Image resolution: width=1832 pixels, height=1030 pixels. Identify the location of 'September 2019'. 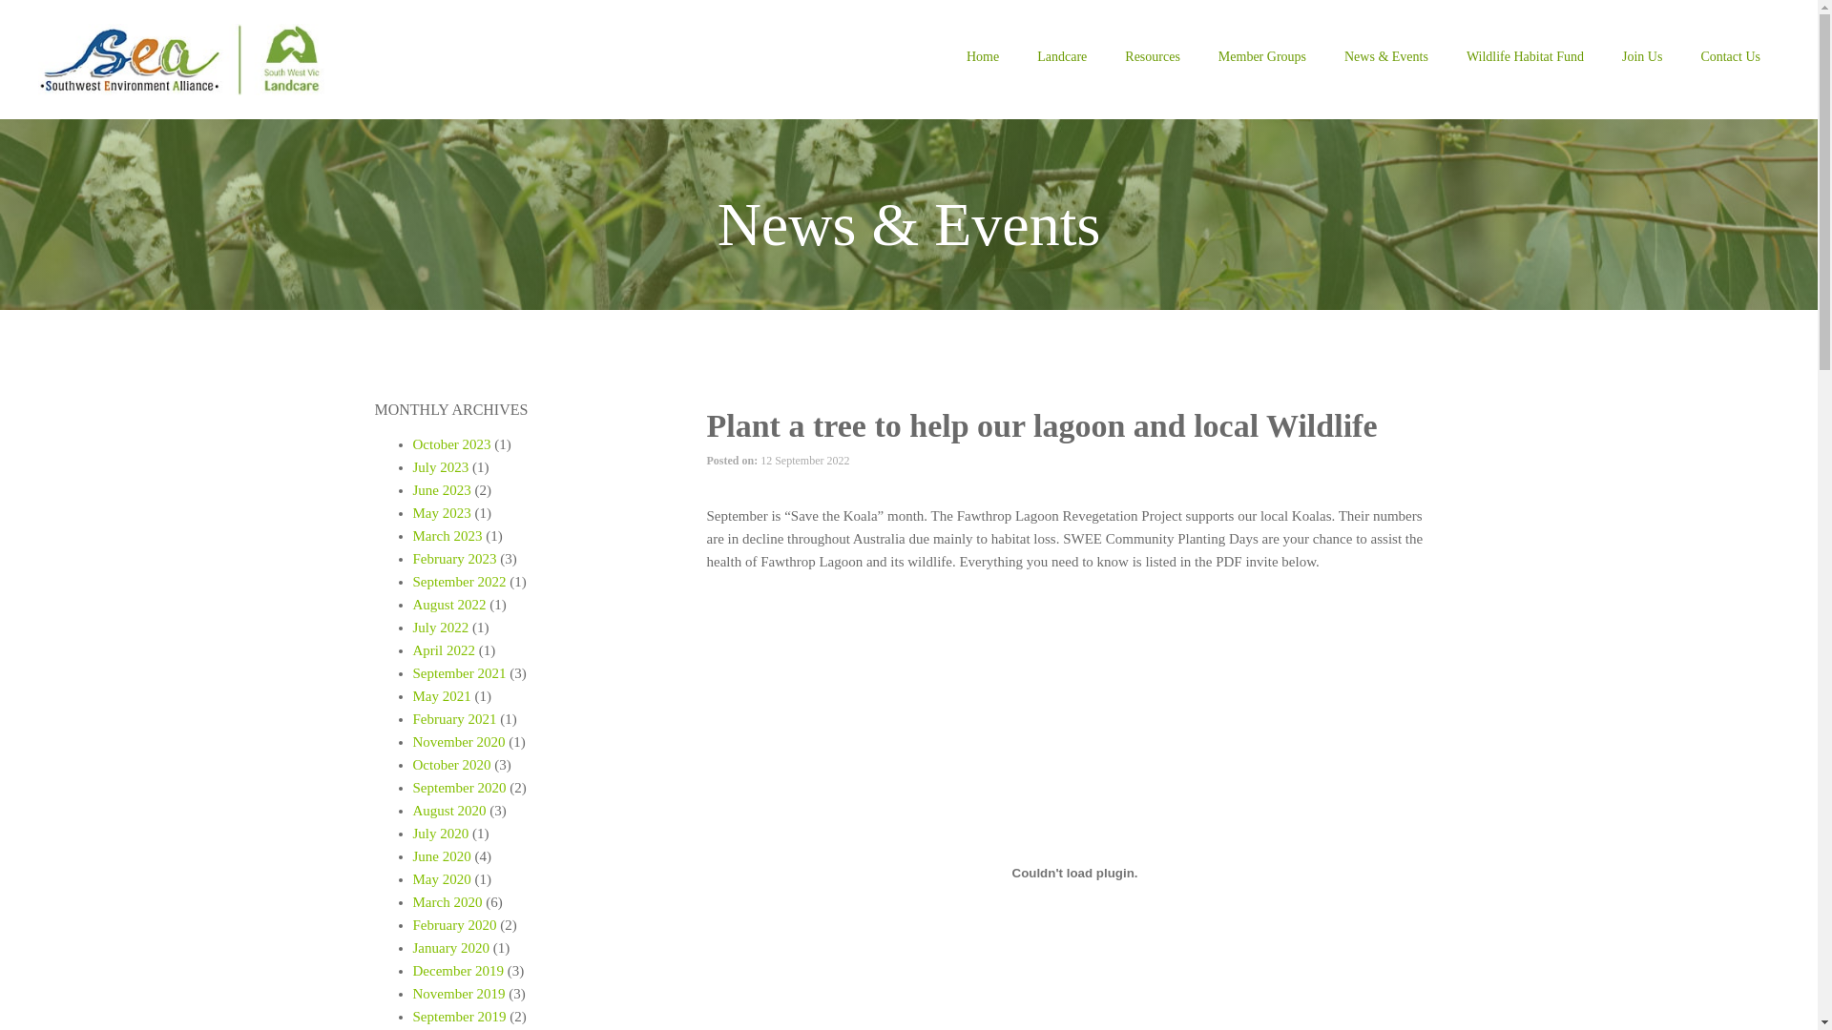
(458, 1015).